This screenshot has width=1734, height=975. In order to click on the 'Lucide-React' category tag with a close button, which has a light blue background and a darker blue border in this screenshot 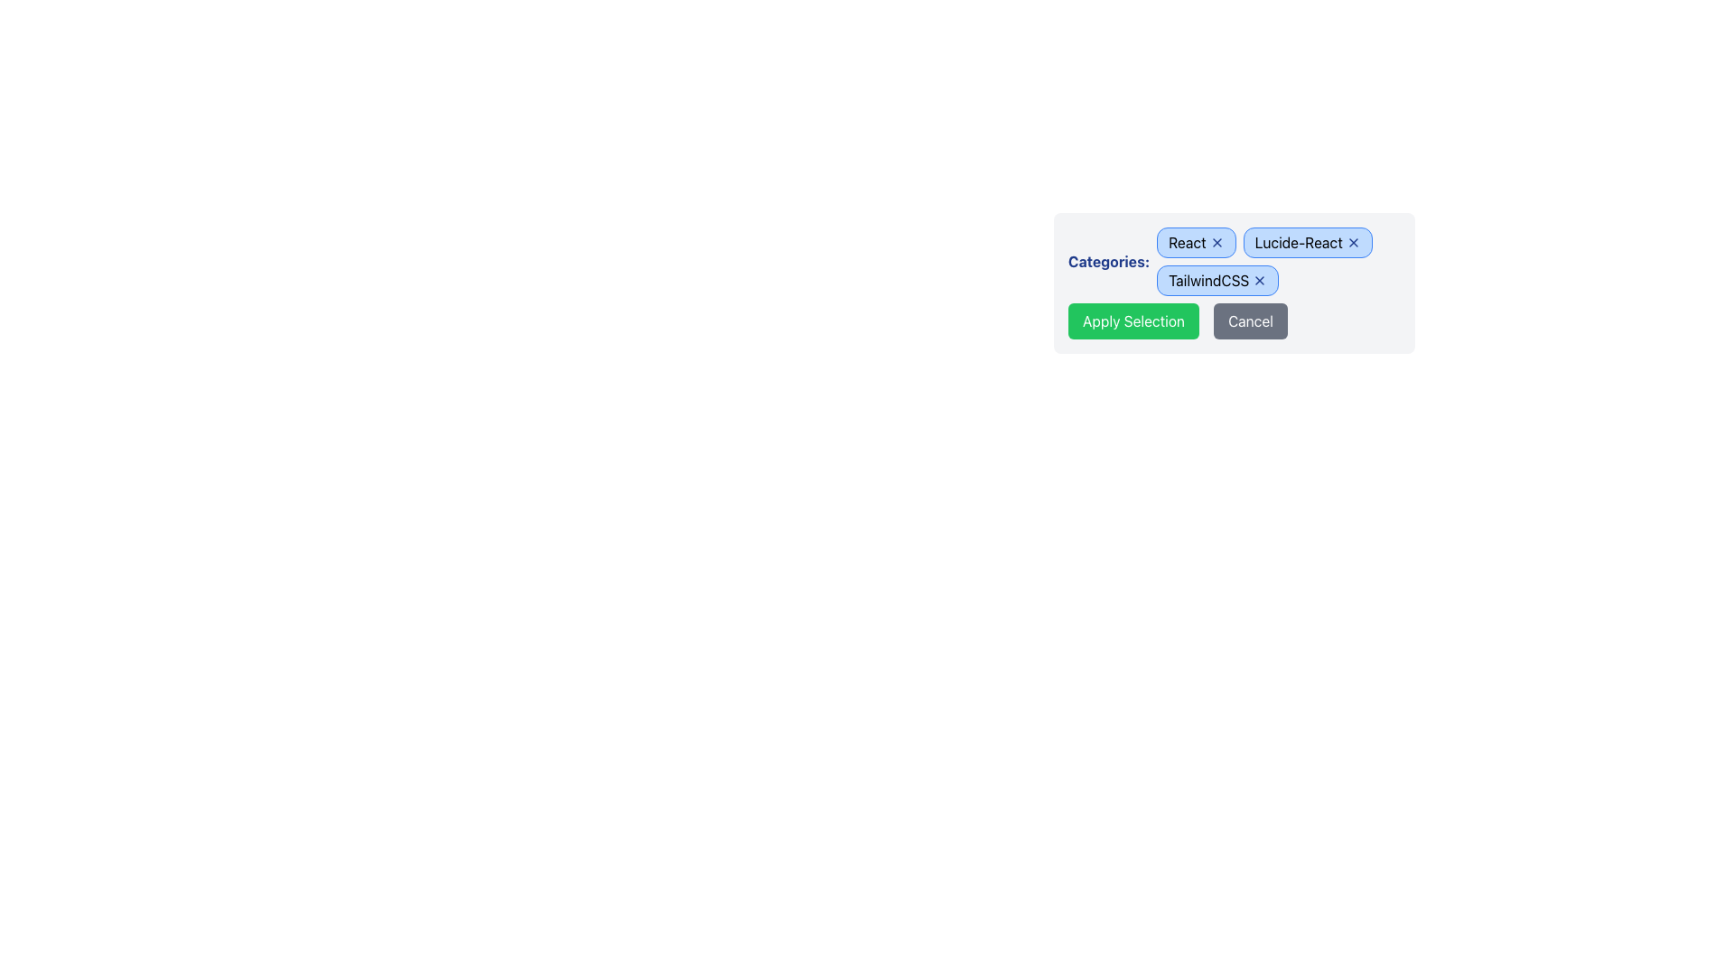, I will do `click(1308, 242)`.